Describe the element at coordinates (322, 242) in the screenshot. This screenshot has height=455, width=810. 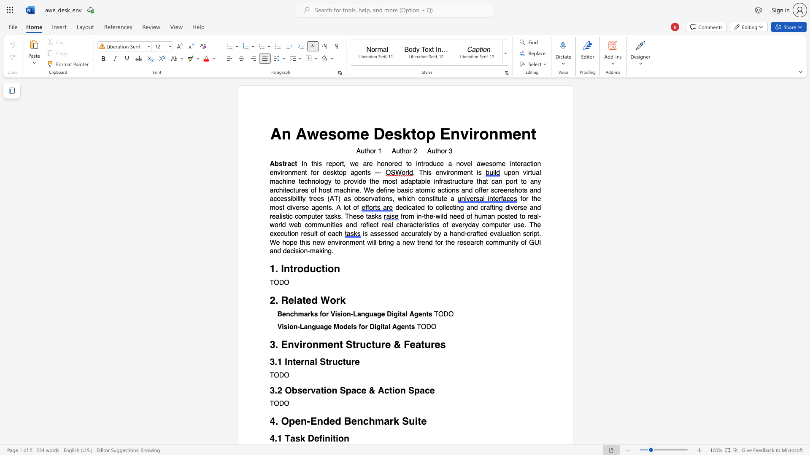
I see `the 1th character "w" in the text` at that location.